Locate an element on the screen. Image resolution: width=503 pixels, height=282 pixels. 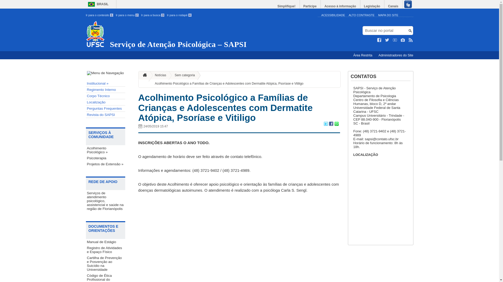
'Ir para o menu 2' is located at coordinates (127, 15).